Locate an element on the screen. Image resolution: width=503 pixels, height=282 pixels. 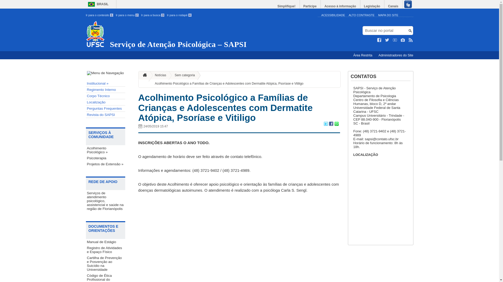
'Ir para o menu 2' is located at coordinates (127, 15).